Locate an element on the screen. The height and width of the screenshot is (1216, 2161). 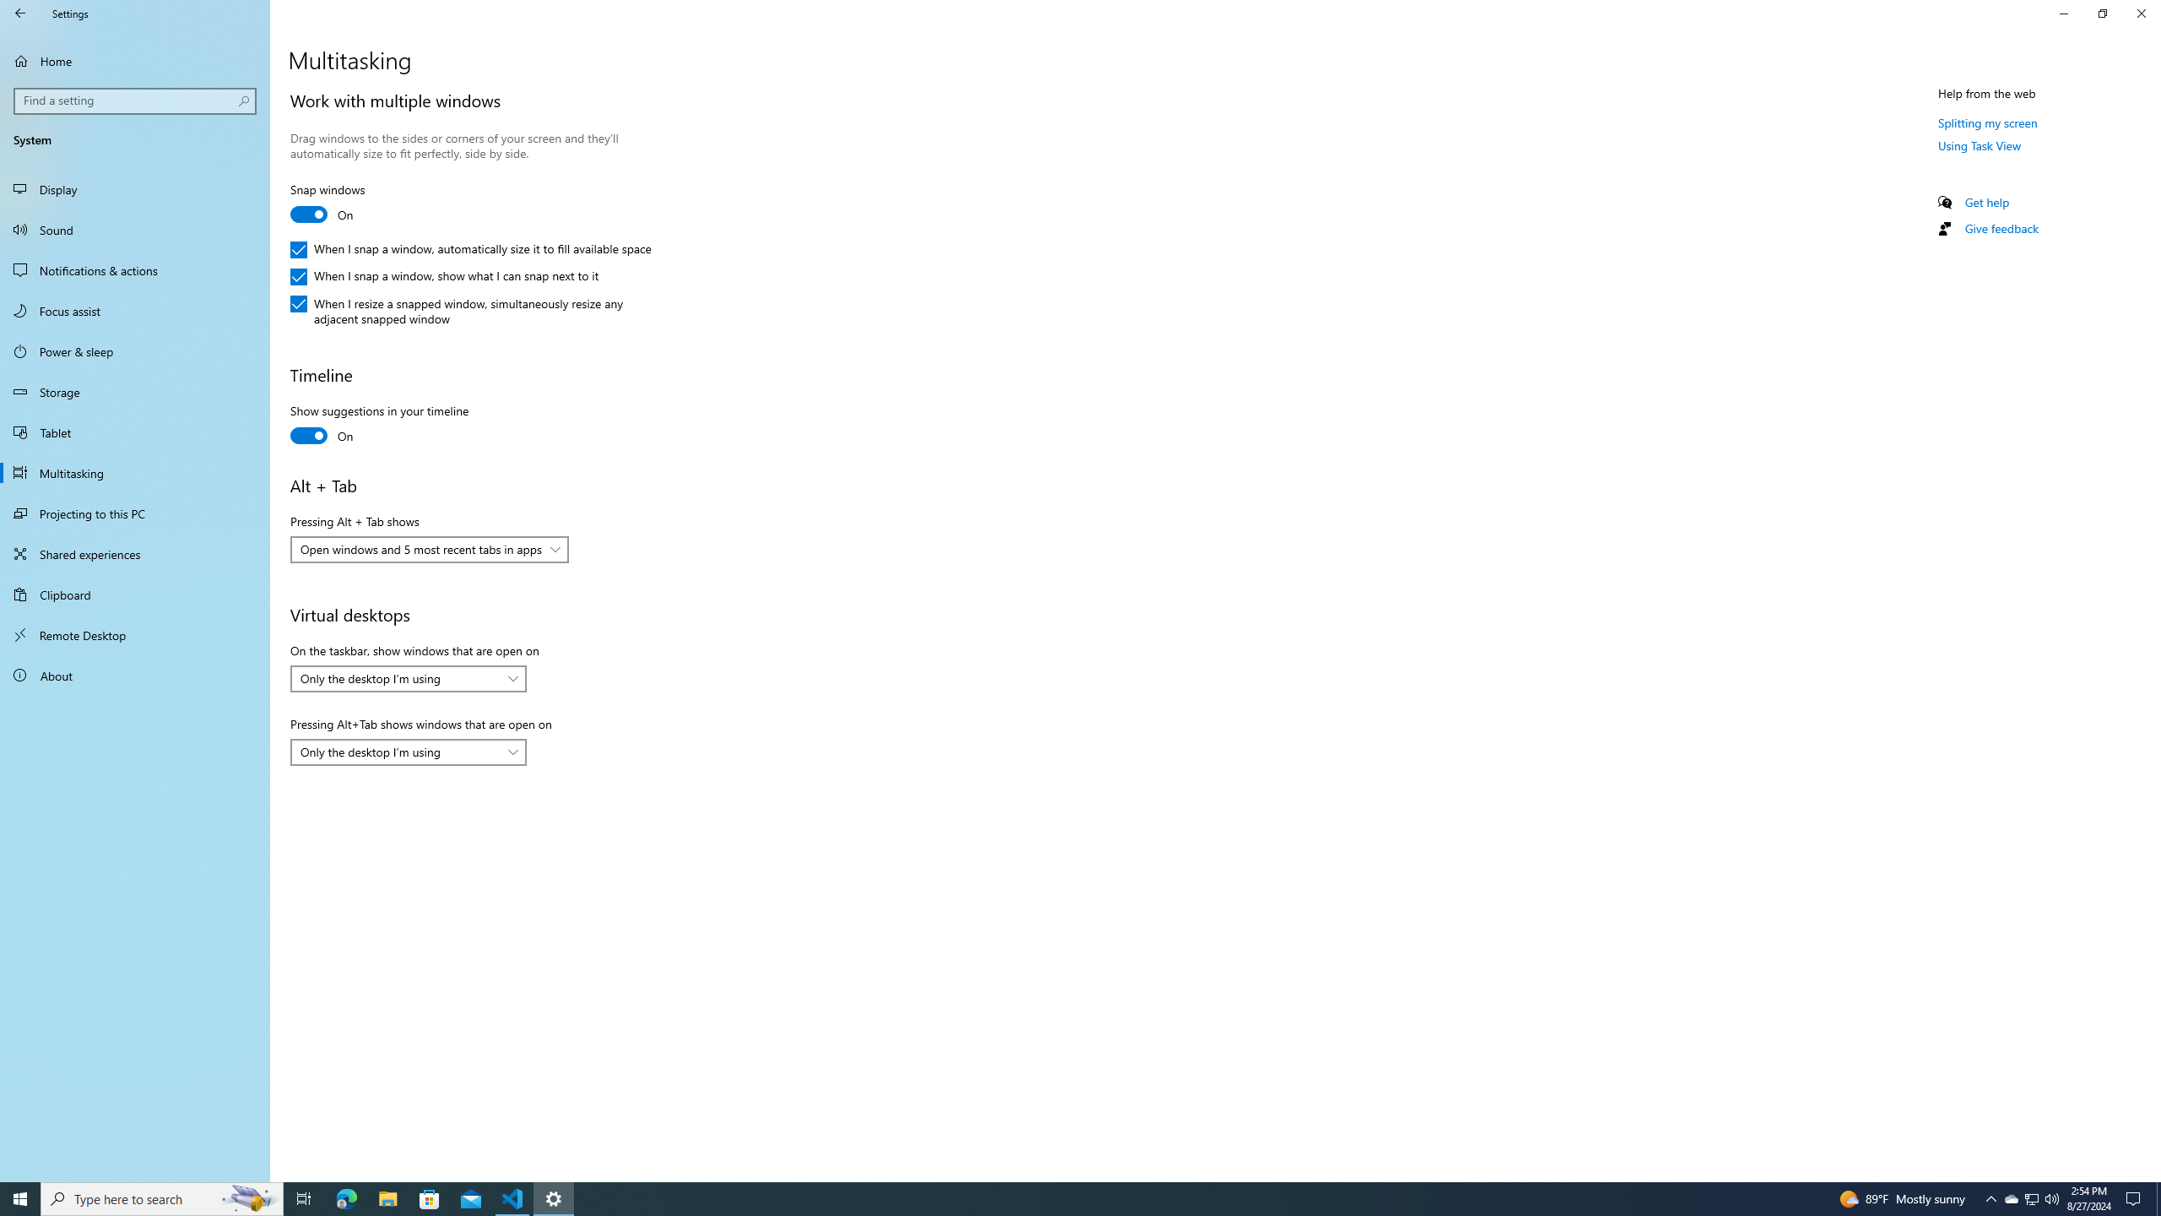
'Remote Desktop' is located at coordinates (134, 634).